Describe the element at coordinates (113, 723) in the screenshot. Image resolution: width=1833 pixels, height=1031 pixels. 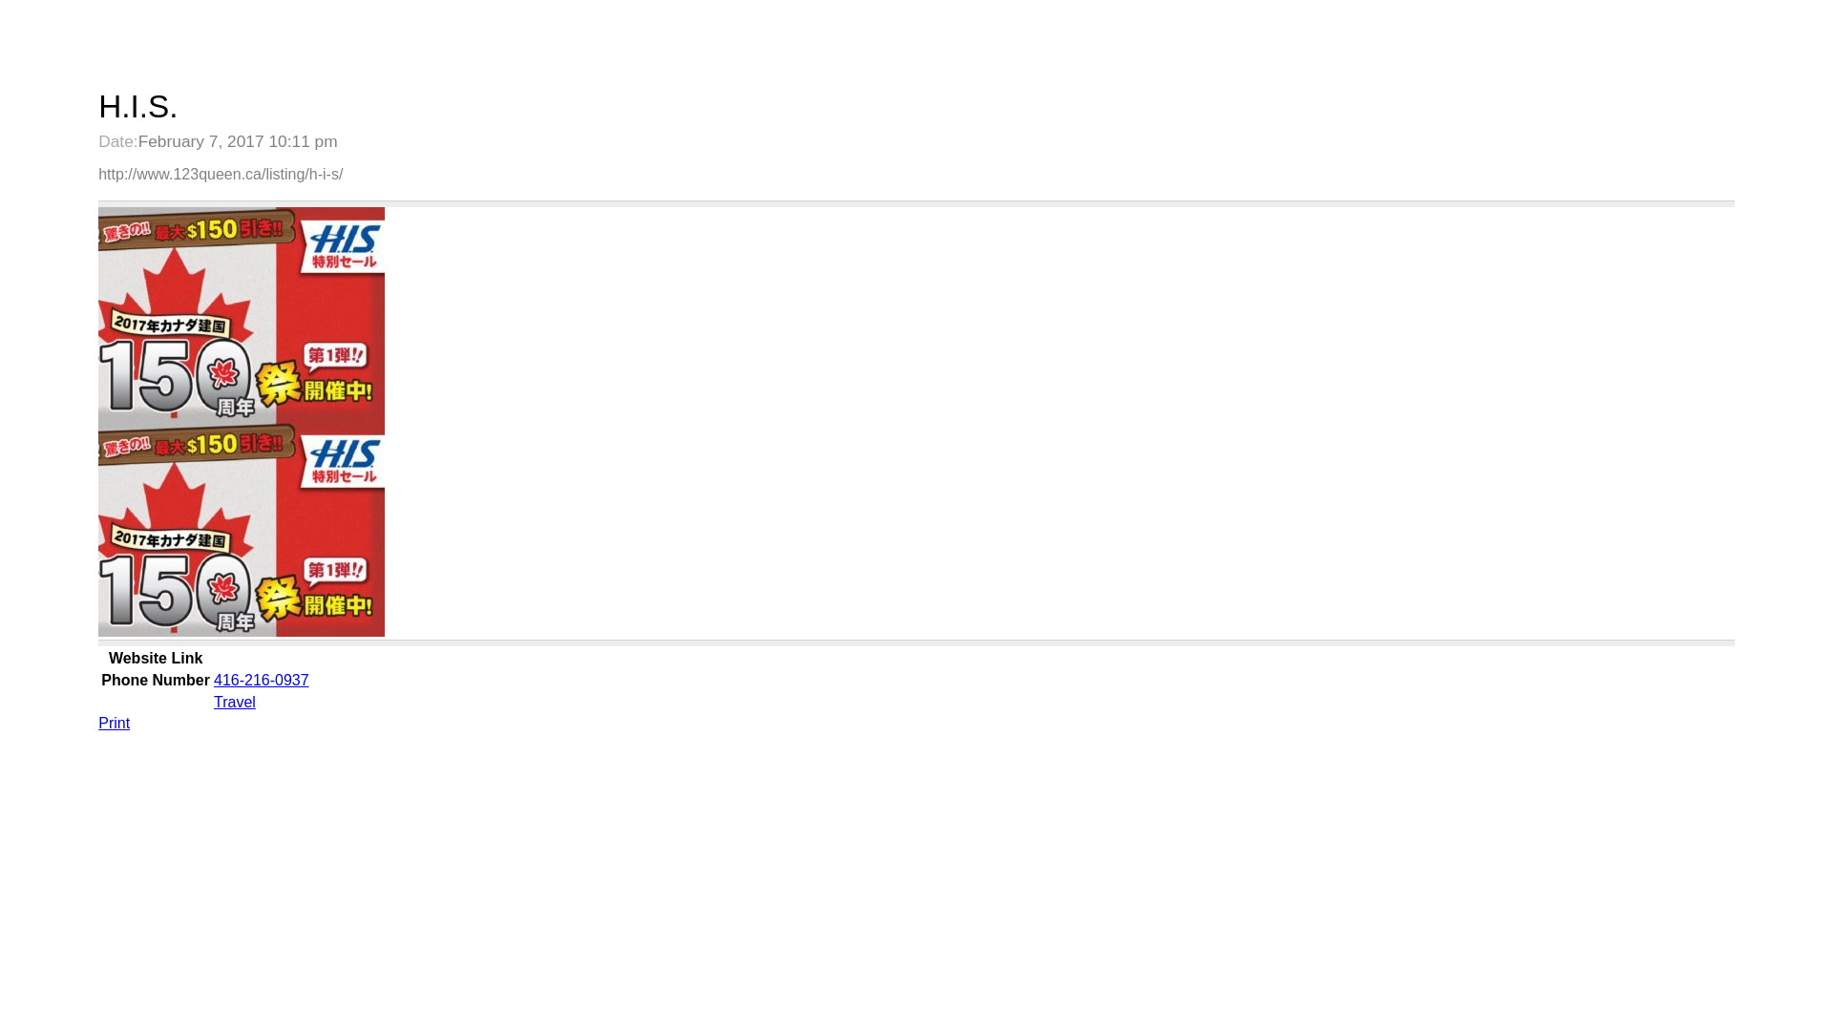
I see `'Print'` at that location.